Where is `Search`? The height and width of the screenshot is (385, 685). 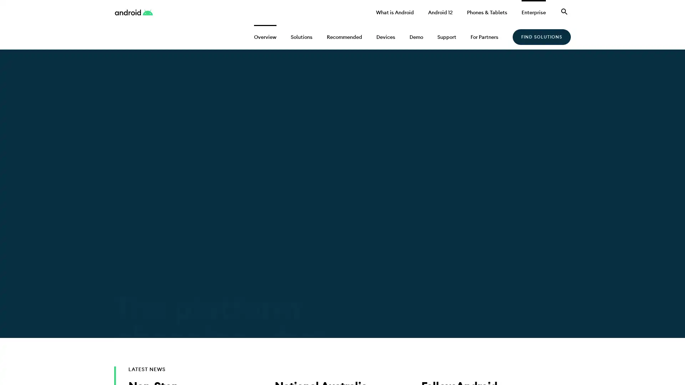 Search is located at coordinates (564, 12).